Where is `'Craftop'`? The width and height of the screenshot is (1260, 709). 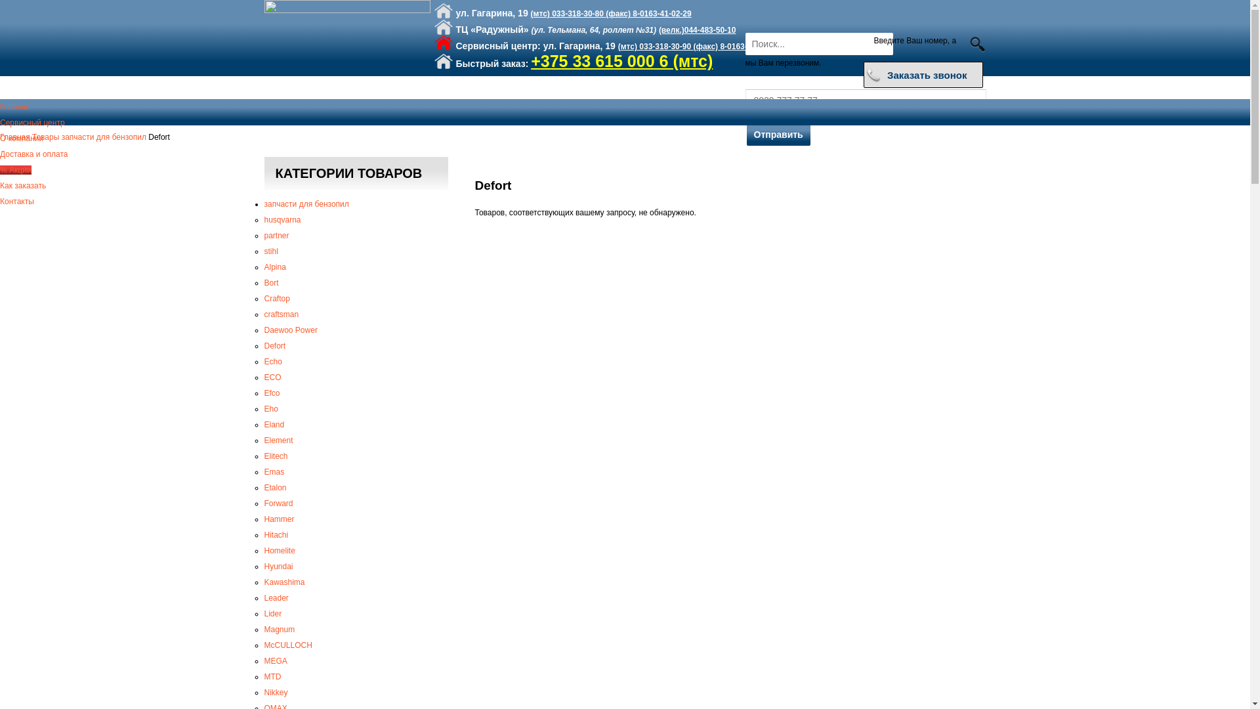
'Craftop' is located at coordinates (276, 299).